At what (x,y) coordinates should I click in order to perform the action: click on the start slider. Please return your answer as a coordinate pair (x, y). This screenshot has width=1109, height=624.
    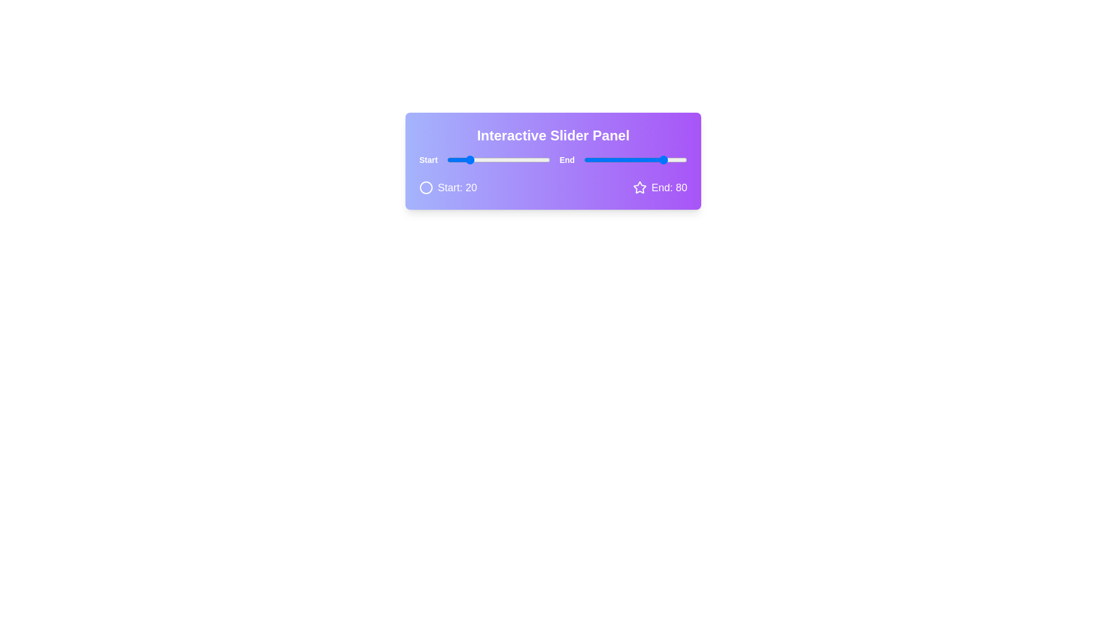
    Looking at the image, I should click on (504, 160).